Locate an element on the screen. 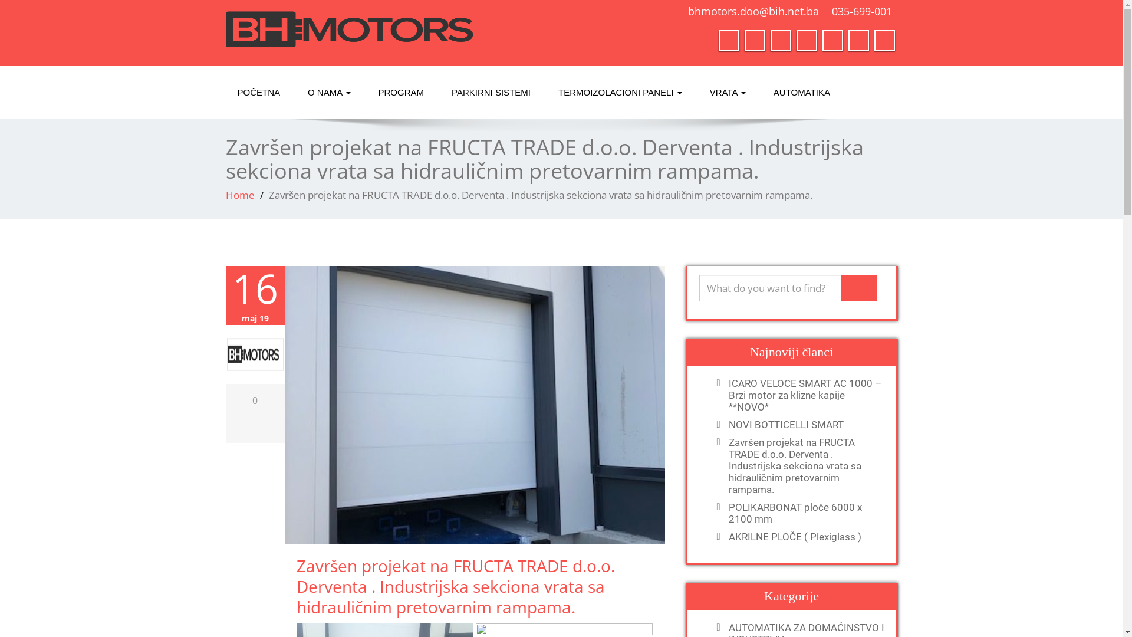 Image resolution: width=1132 pixels, height=637 pixels. '0' is located at coordinates (254, 399).